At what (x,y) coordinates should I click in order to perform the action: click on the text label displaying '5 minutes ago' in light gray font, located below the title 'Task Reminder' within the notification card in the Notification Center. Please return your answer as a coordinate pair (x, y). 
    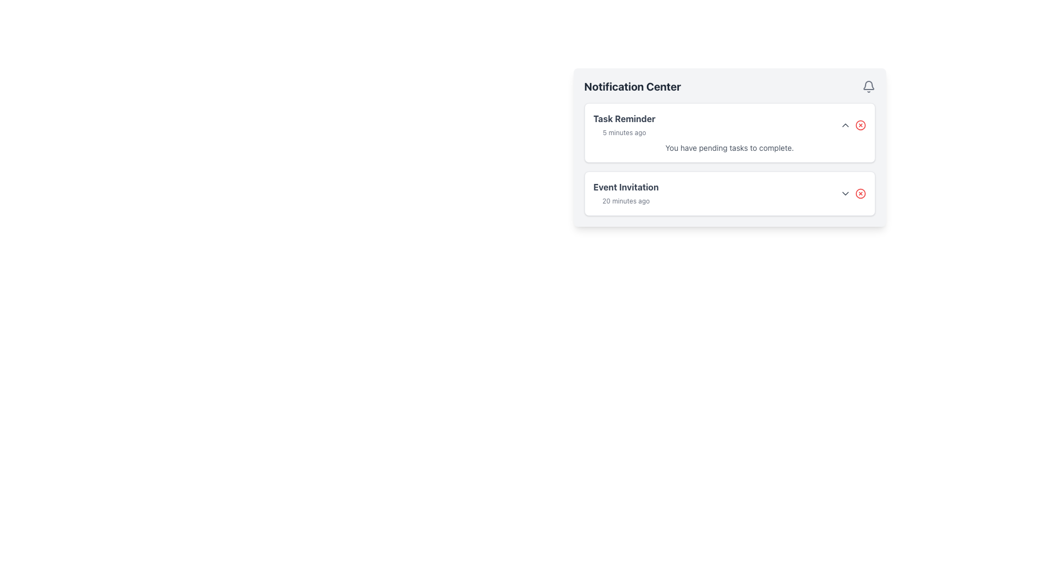
    Looking at the image, I should click on (624, 132).